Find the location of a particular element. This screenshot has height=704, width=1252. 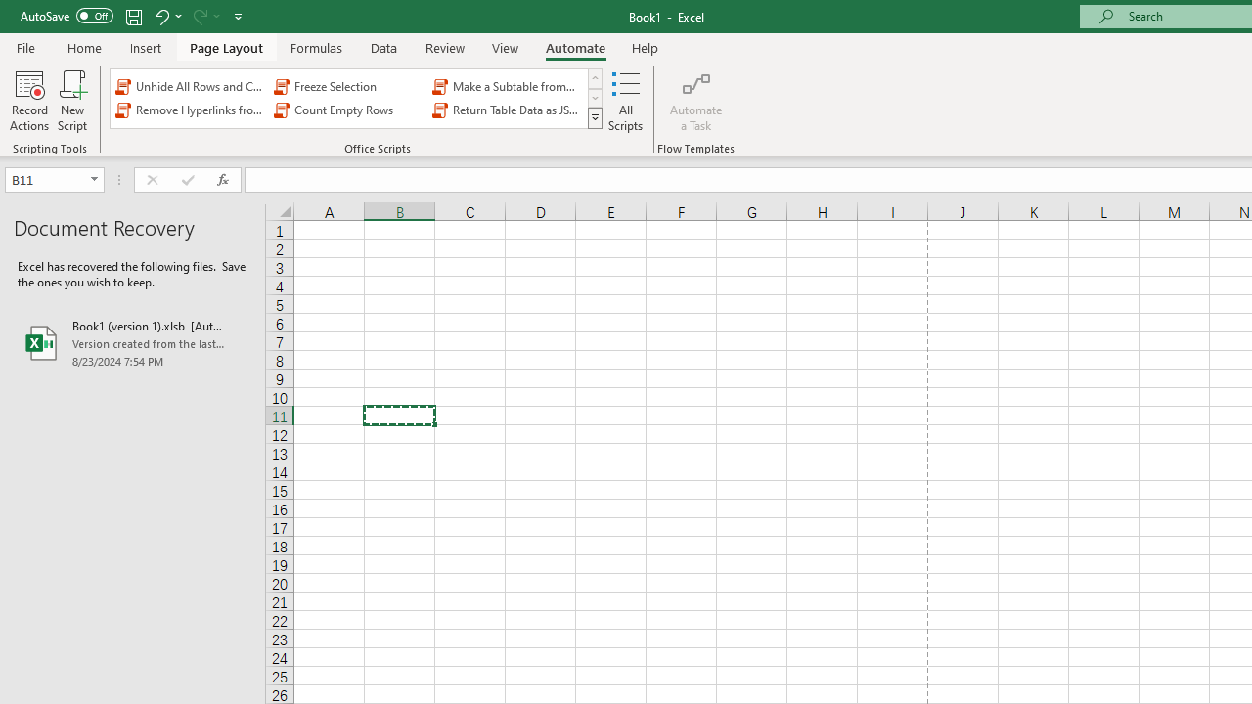

'Count Empty Rows' is located at coordinates (349, 110).